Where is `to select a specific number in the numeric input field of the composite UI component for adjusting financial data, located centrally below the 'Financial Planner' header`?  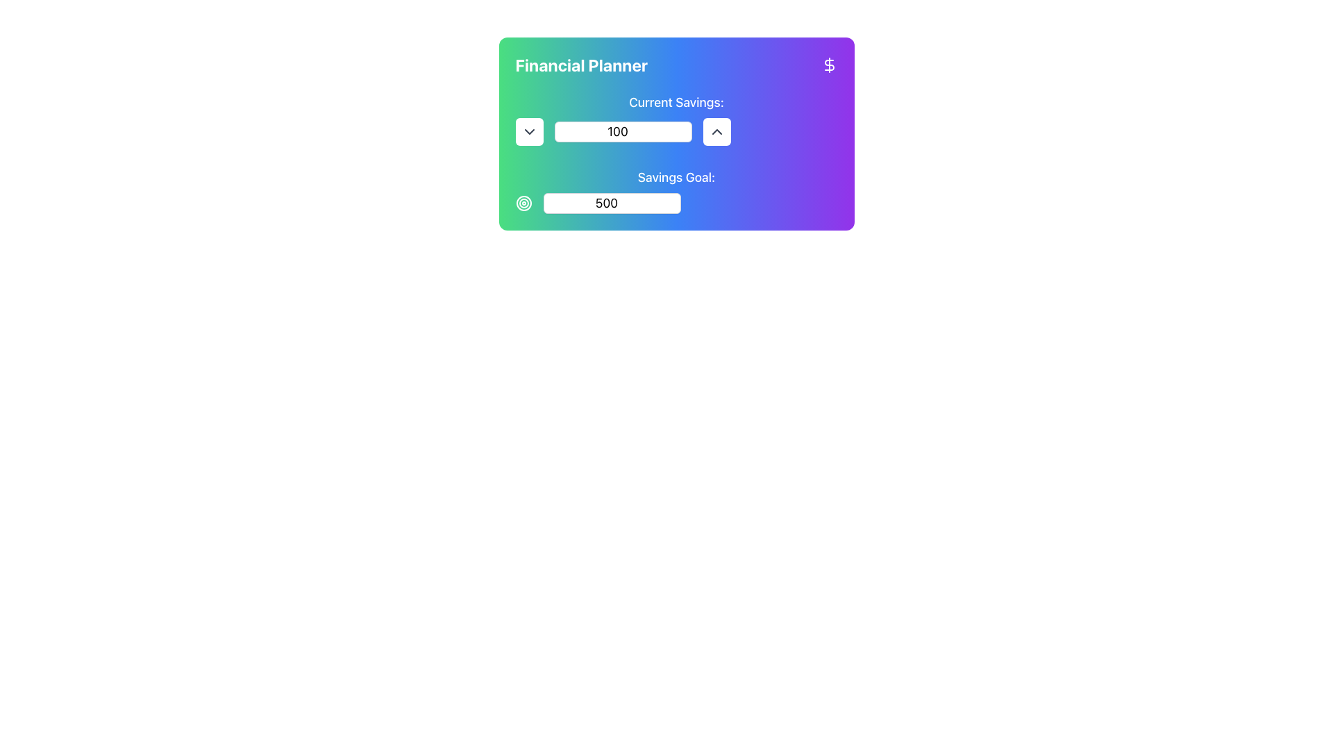 to select a specific number in the numeric input field of the composite UI component for adjusting financial data, located centrally below the 'Financial Planner' header is located at coordinates (676, 153).